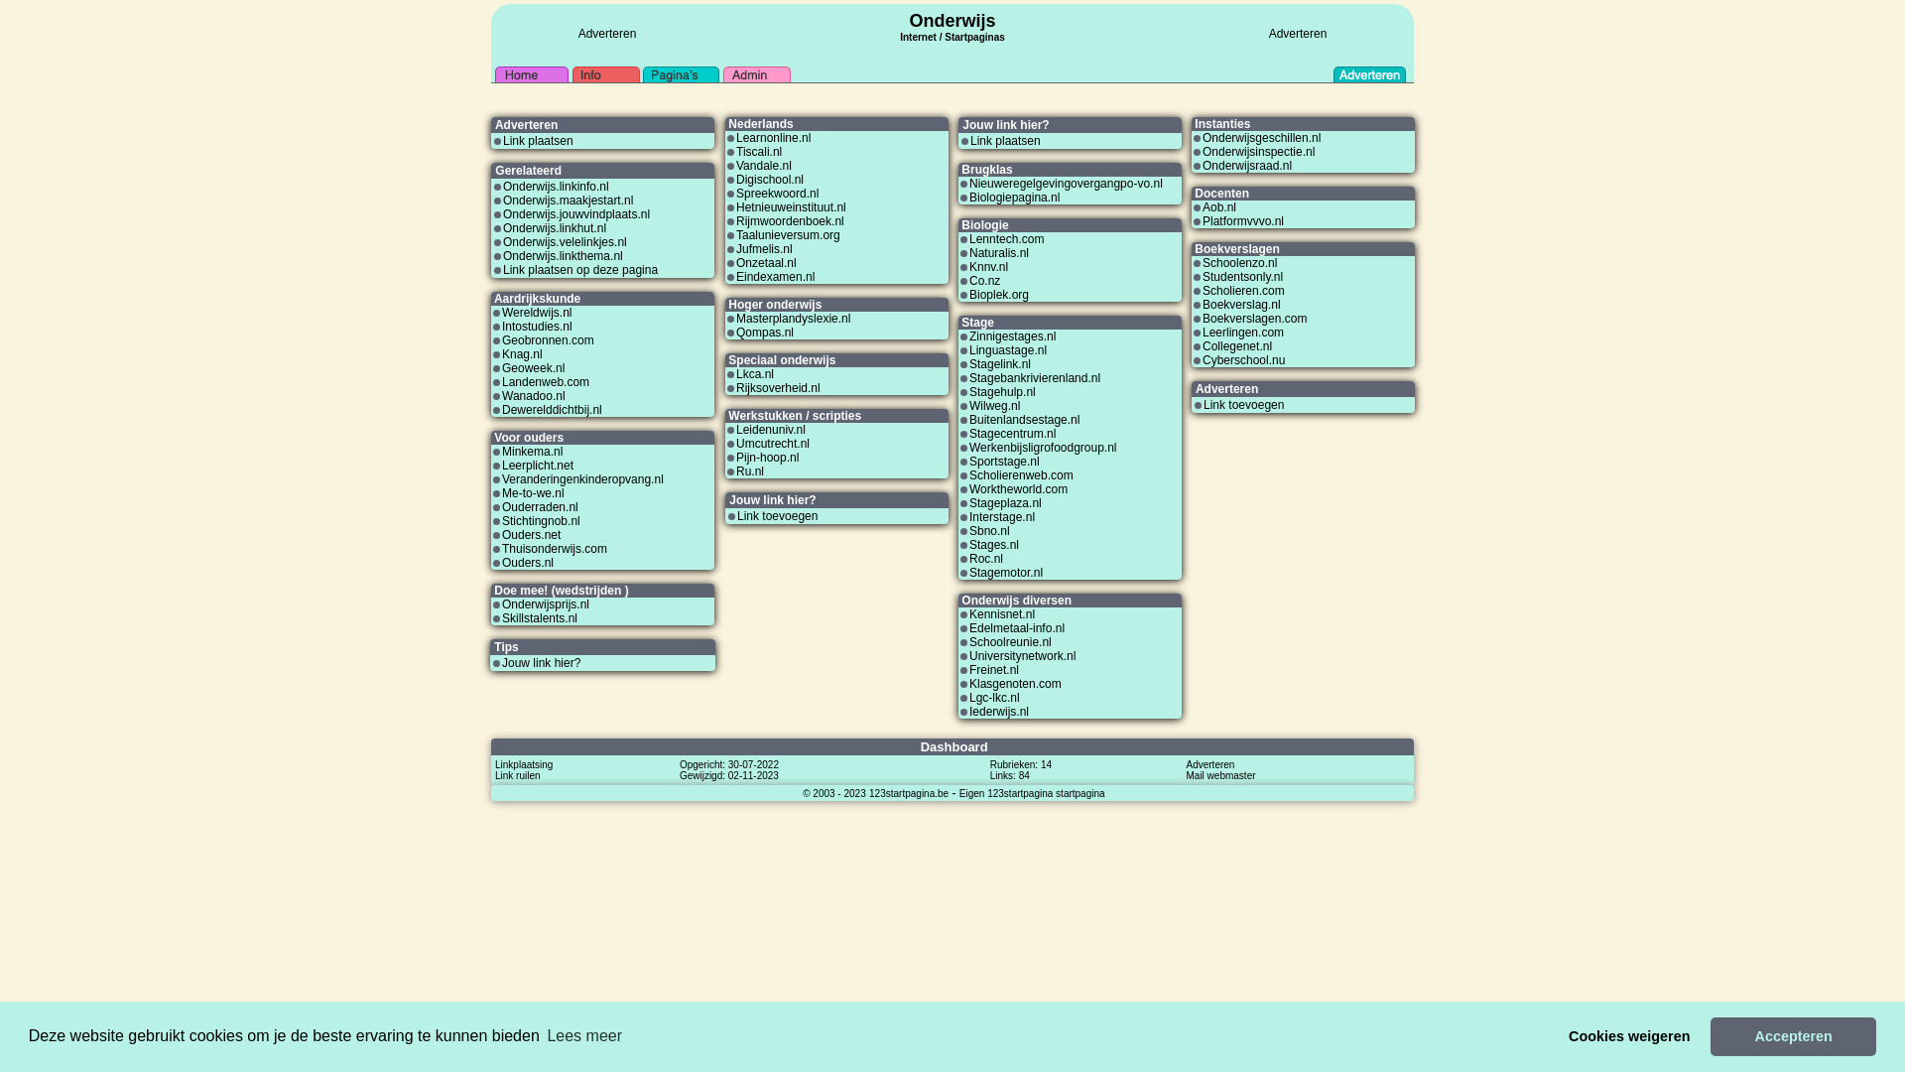 This screenshot has height=1072, width=1905. Describe the element at coordinates (994, 544) in the screenshot. I see `'Stages.nl'` at that location.